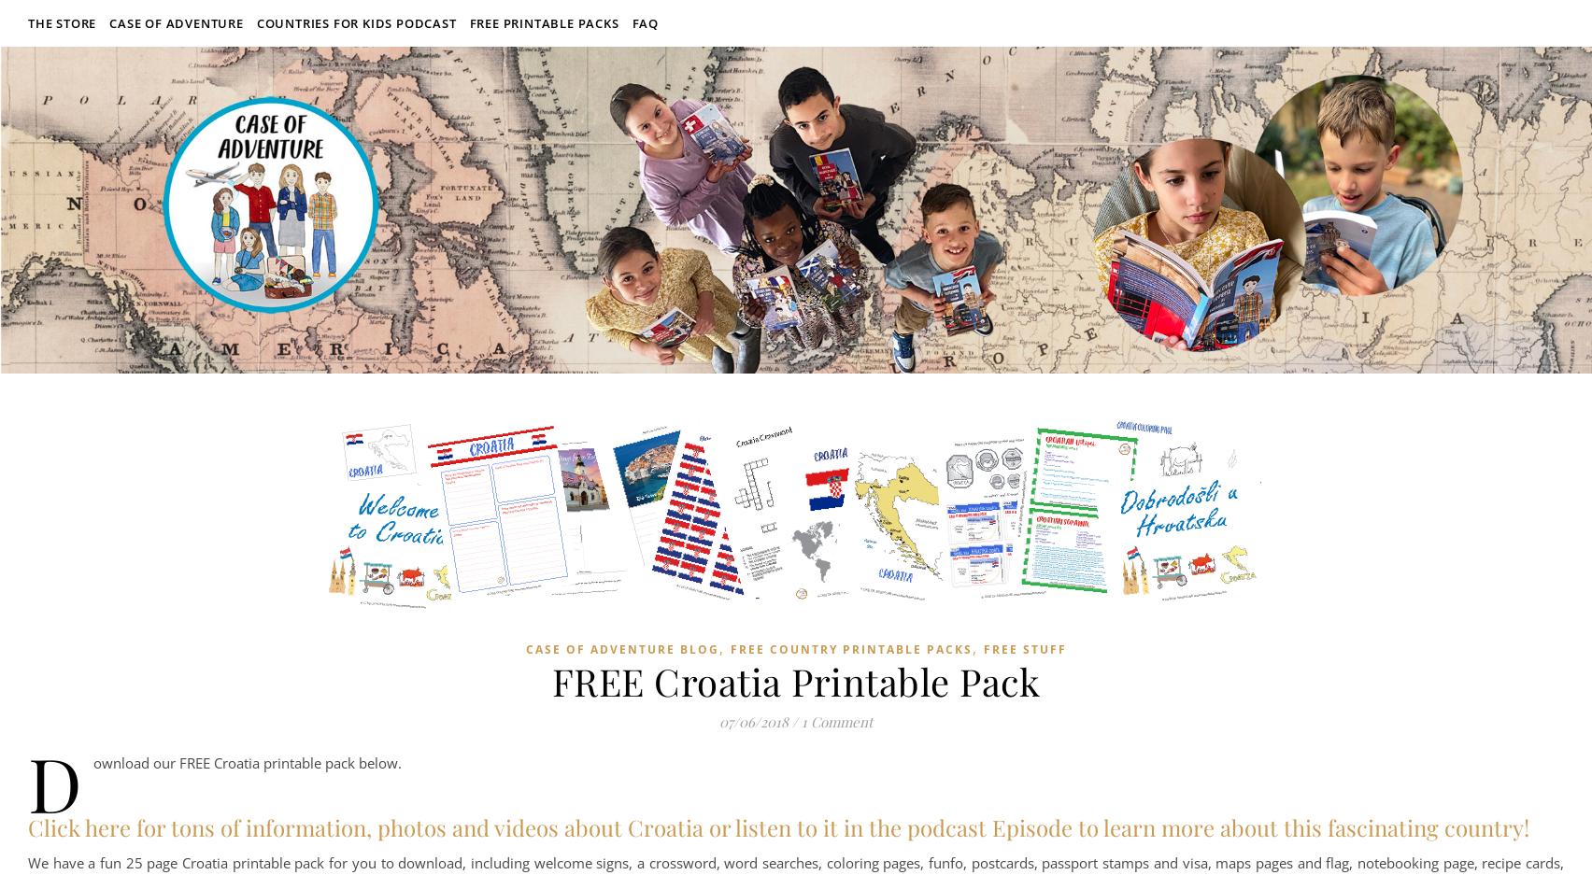  I want to click on '07/06/2018', so click(753, 722).